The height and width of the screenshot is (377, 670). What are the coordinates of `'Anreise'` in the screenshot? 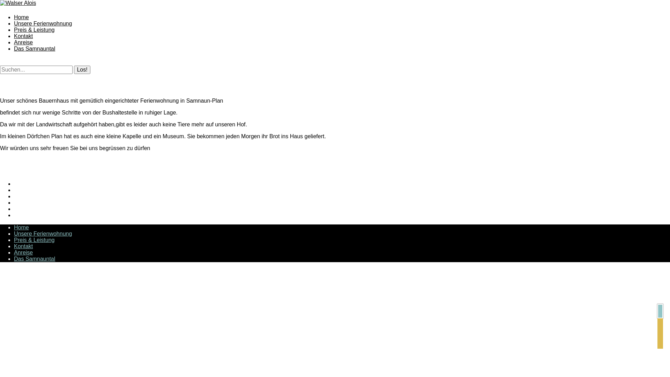 It's located at (23, 252).